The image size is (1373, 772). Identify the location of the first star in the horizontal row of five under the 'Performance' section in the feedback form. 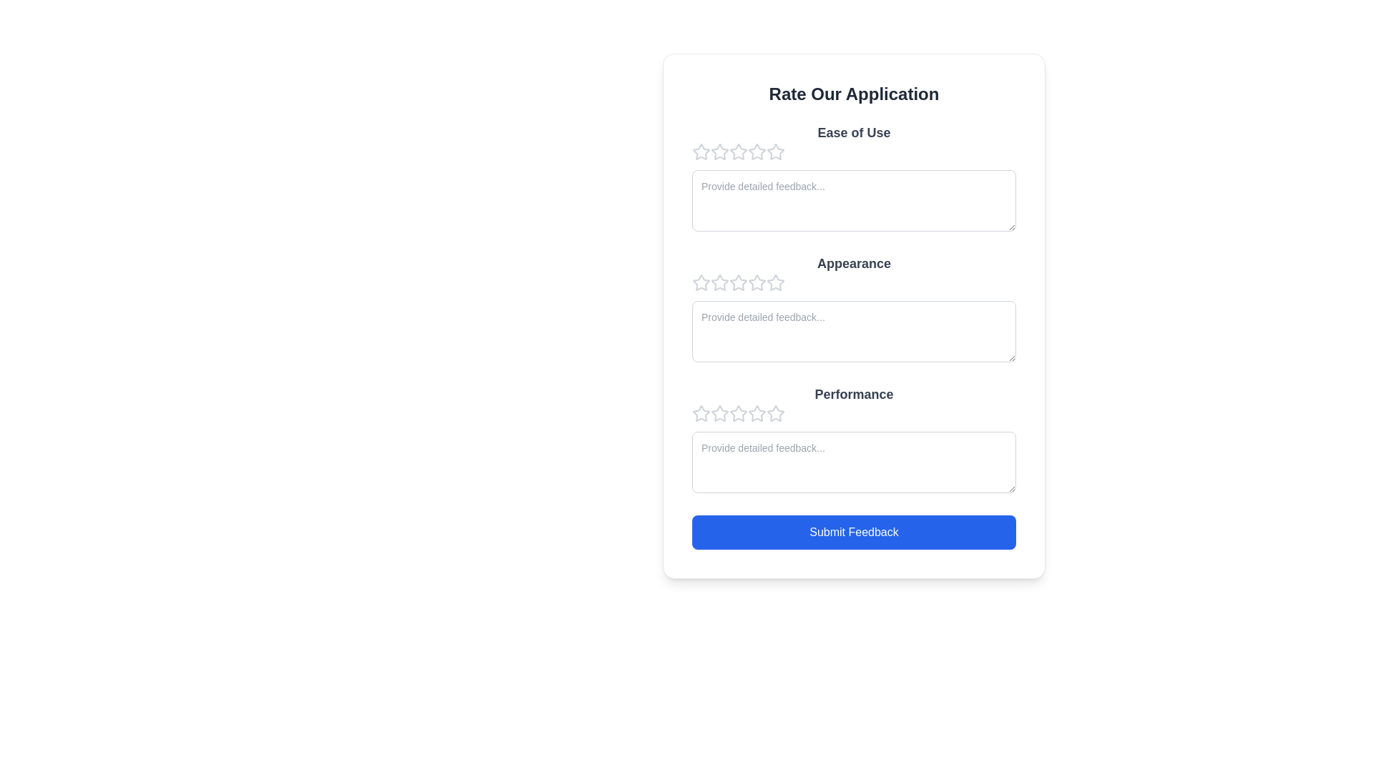
(701, 413).